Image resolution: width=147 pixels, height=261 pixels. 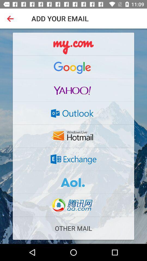 What do you see at coordinates (73, 44) in the screenshot?
I see `mycom above google` at bounding box center [73, 44].